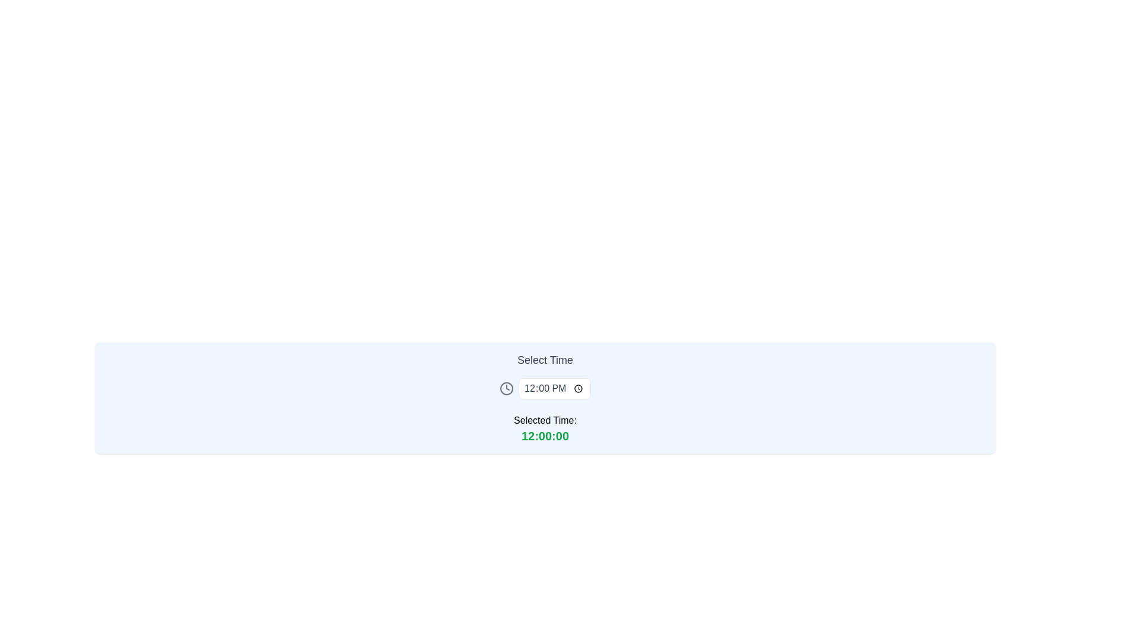  I want to click on the clock icon, which is the first element in a horizontal arrangement containing a time display field and an associated button, so click(507, 388).